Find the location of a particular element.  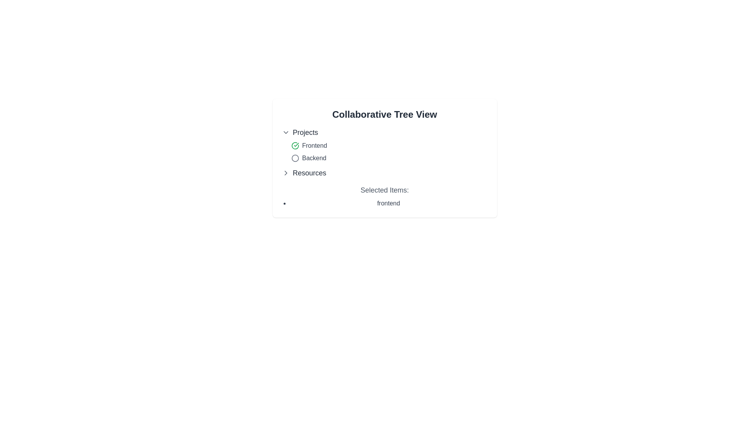

the circular icon with a green outline and checkmark, which indicates an active state, located to the left of the 'Frontend' label in the 'Projects' group is located at coordinates (295, 146).